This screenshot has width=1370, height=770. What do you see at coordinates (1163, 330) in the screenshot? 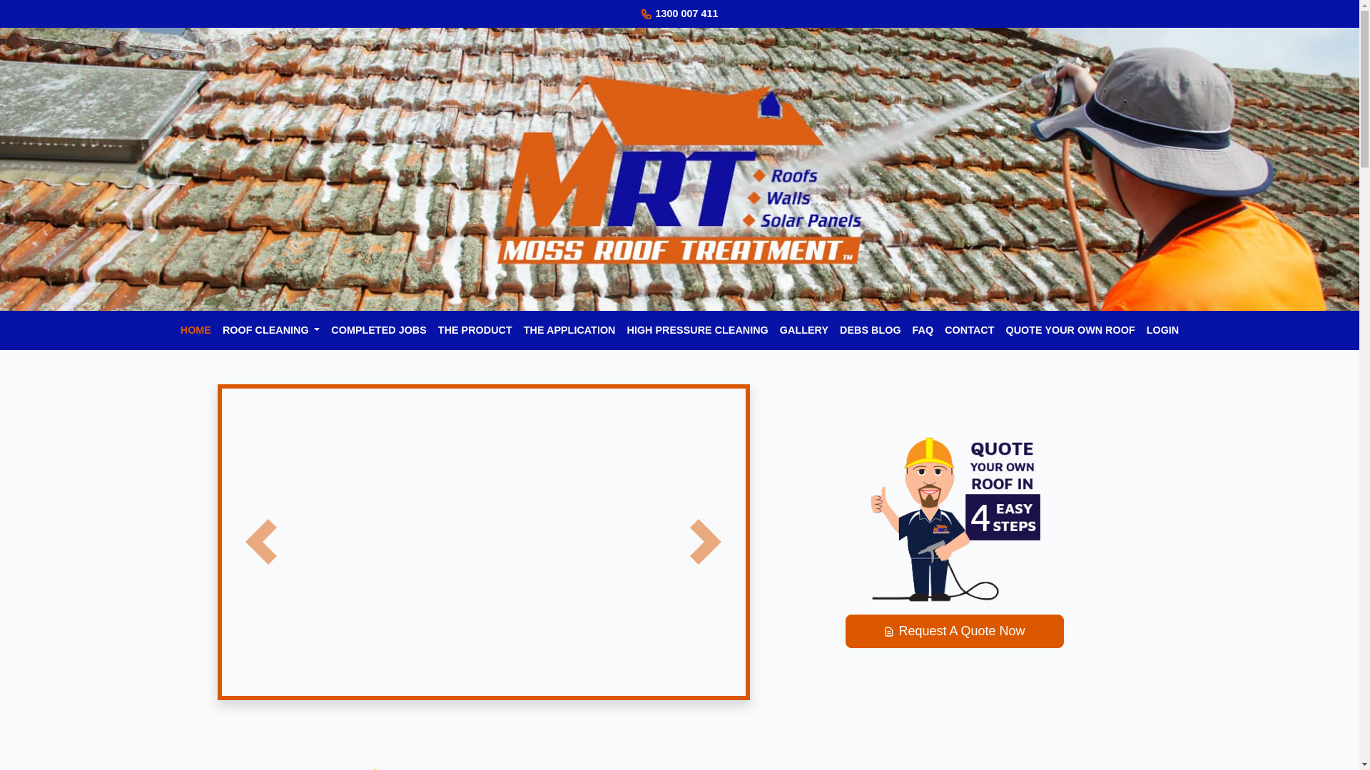
I see `'LOGIN'` at bounding box center [1163, 330].